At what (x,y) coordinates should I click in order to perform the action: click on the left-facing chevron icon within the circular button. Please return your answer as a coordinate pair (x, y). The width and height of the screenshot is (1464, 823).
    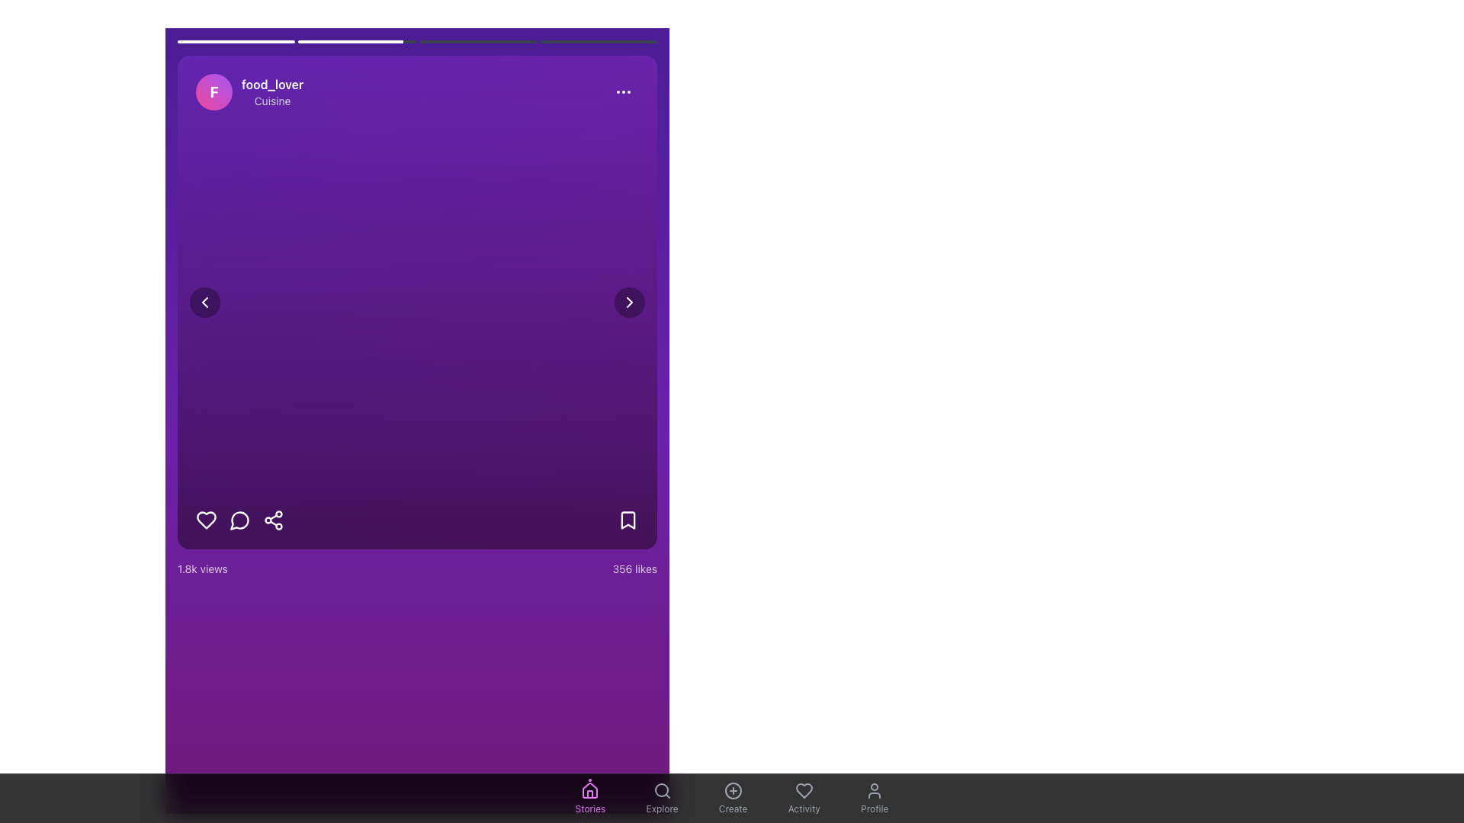
    Looking at the image, I should click on (204, 303).